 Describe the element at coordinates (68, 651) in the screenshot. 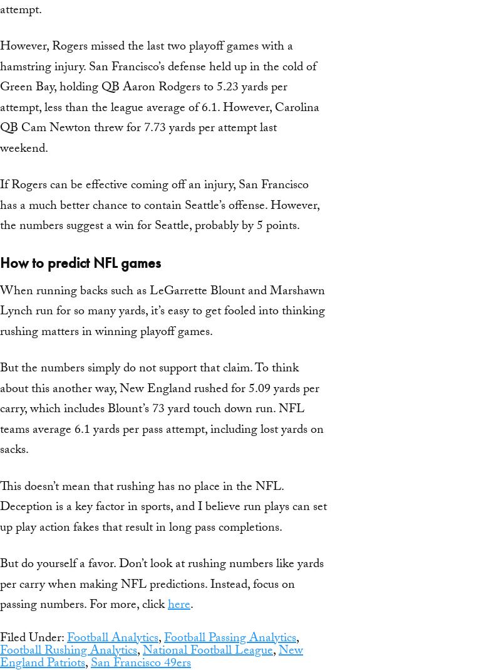

I see `'Football Rushing Analytics'` at that location.